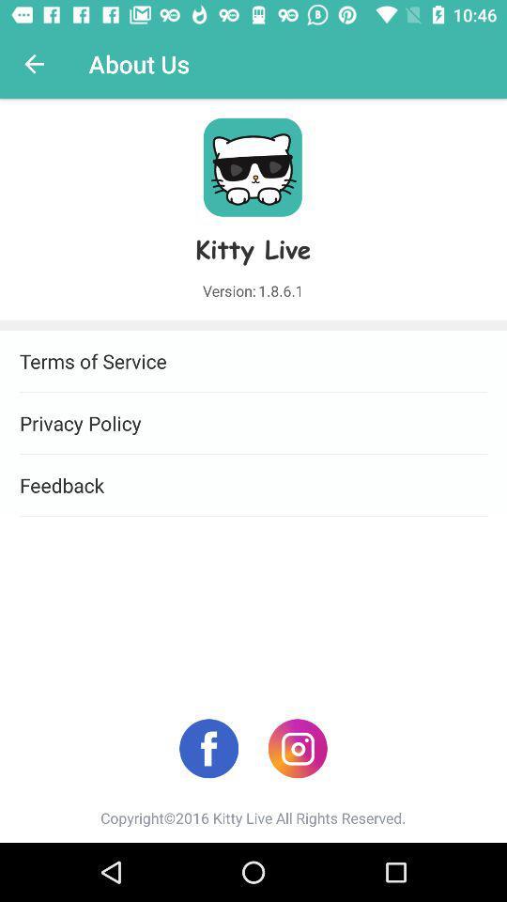  Describe the element at coordinates (207, 748) in the screenshot. I see `on facebook` at that location.